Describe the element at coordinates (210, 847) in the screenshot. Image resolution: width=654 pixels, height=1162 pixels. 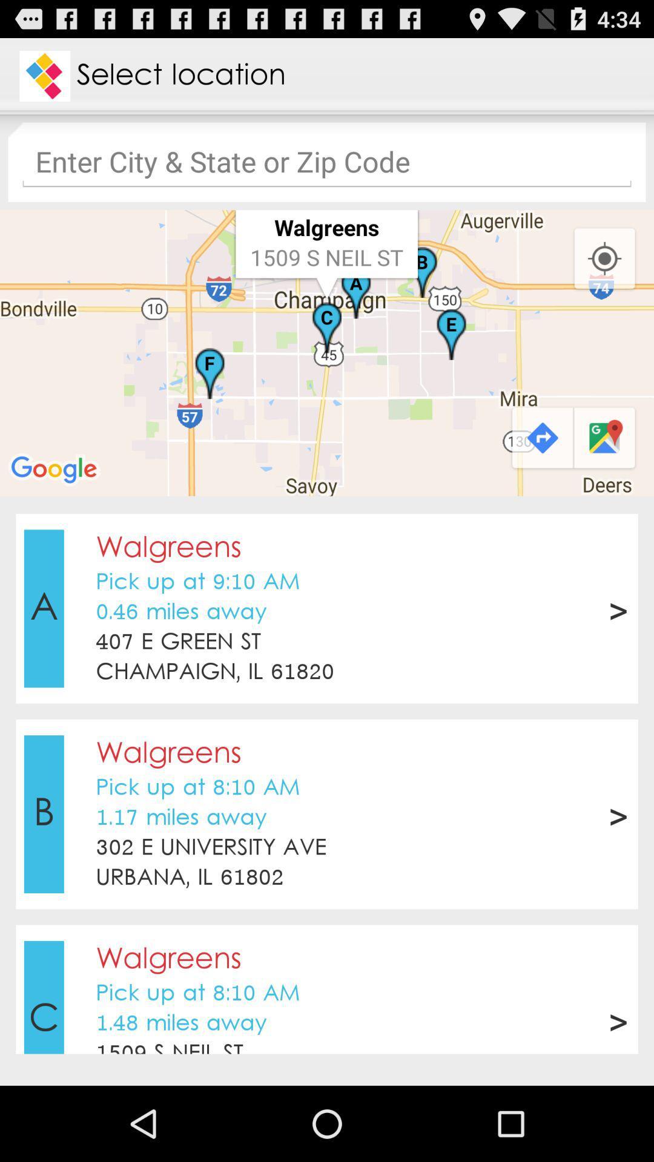
I see `the app above the urbana, il 61802 icon` at that location.